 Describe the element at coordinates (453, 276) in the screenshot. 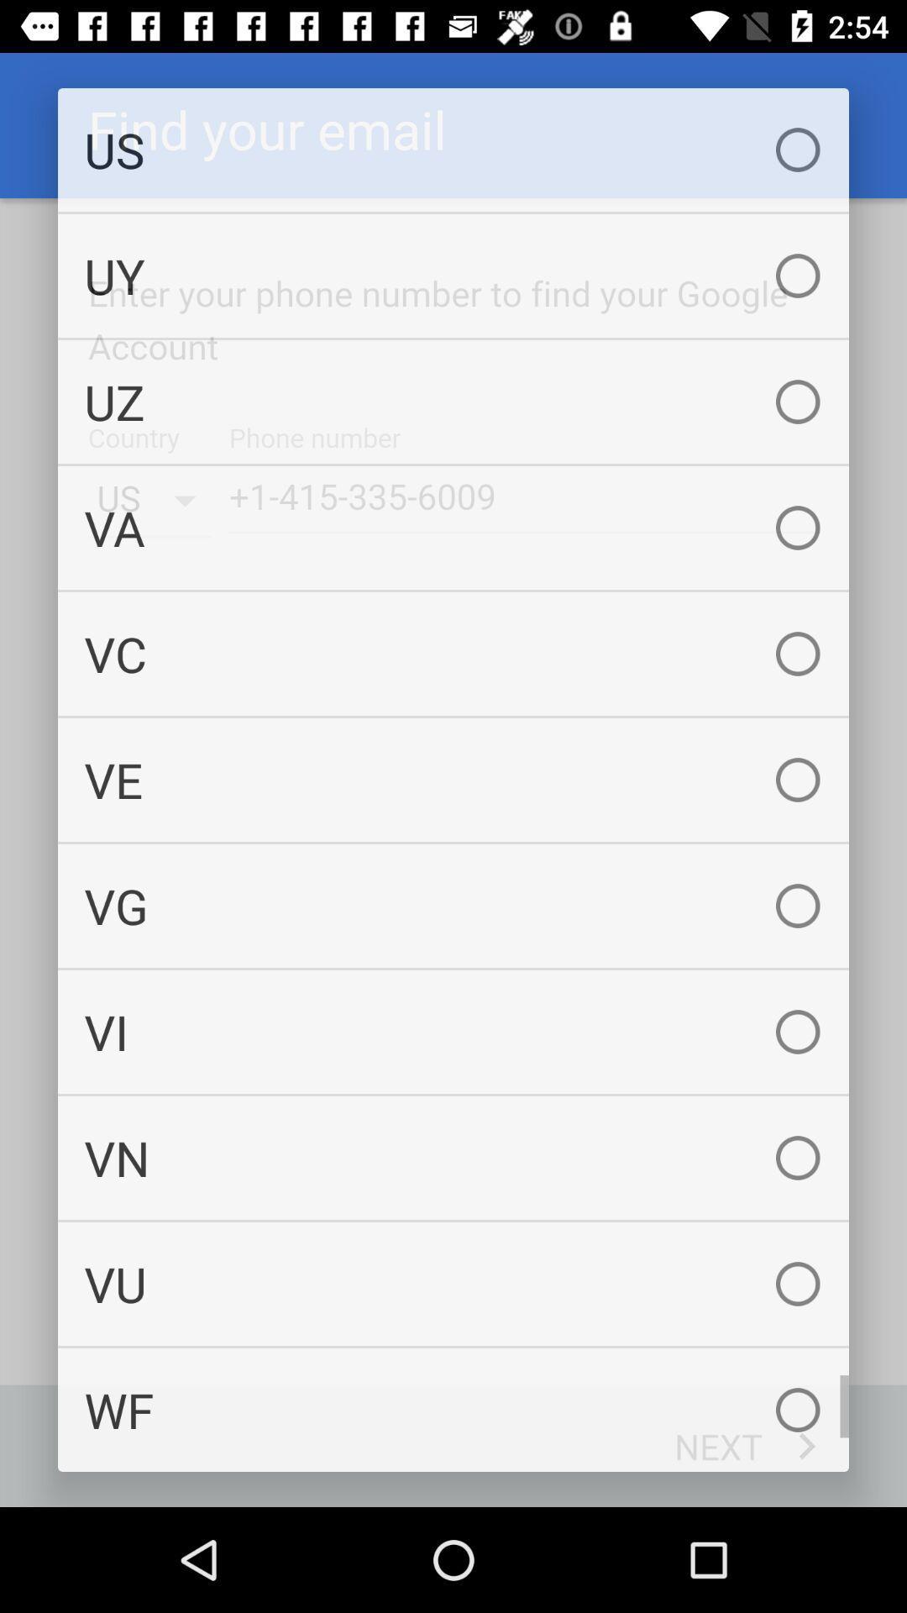

I see `uy` at that location.